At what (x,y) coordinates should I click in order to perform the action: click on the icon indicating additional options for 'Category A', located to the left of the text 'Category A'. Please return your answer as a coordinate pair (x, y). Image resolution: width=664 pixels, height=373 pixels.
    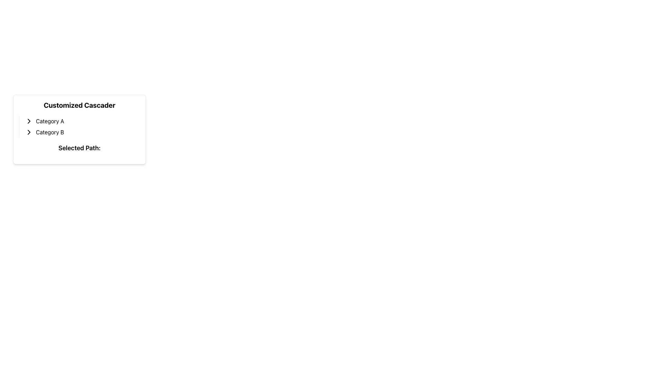
    Looking at the image, I should click on (28, 121).